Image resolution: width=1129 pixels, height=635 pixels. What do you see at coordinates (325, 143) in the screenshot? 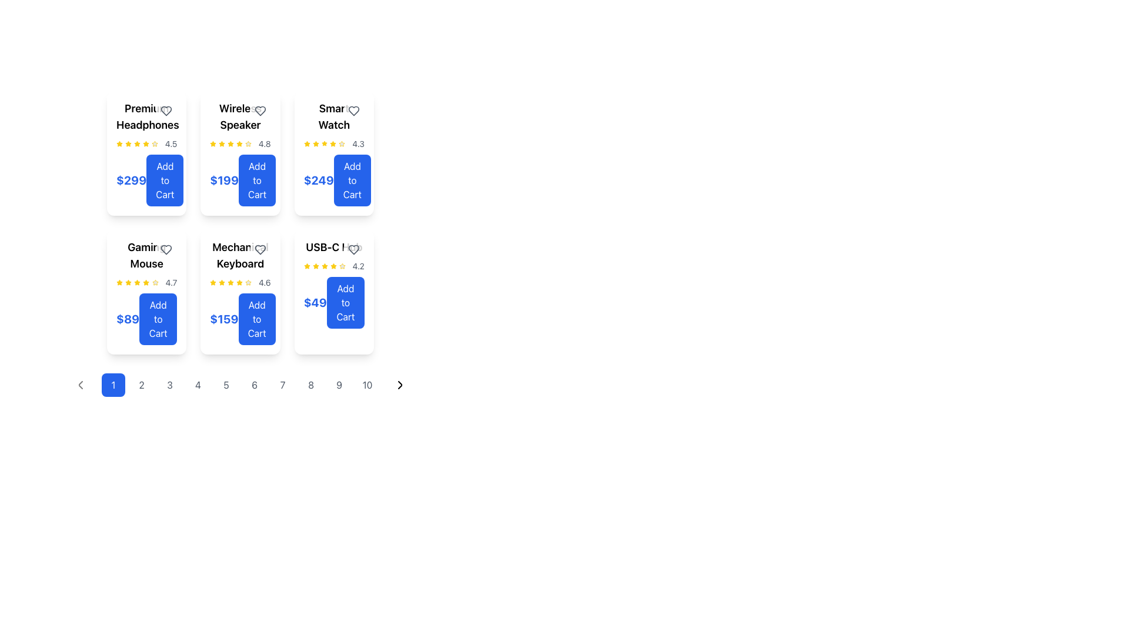
I see `the third star icon in the rating system for the 'Smart Watch' product, which indicates a score of 3 out of 5` at bounding box center [325, 143].